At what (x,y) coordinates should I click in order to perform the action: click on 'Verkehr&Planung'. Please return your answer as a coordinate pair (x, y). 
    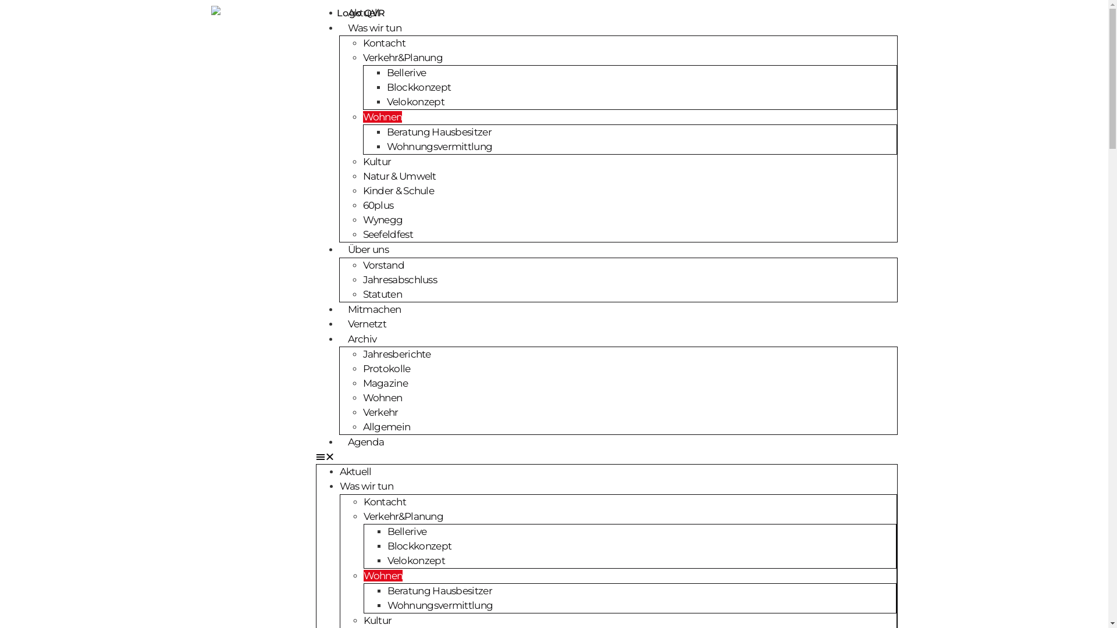
    Looking at the image, I should click on (362, 58).